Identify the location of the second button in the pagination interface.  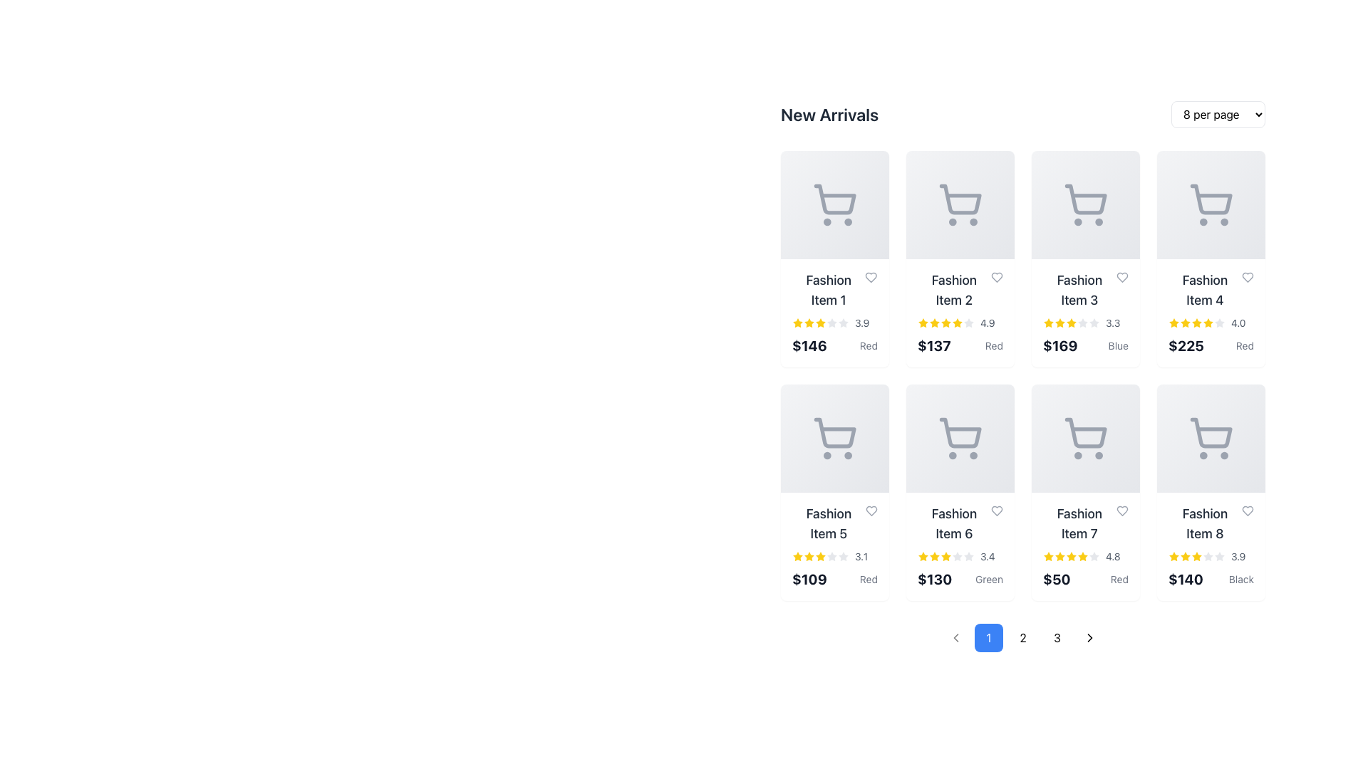
(1022, 637).